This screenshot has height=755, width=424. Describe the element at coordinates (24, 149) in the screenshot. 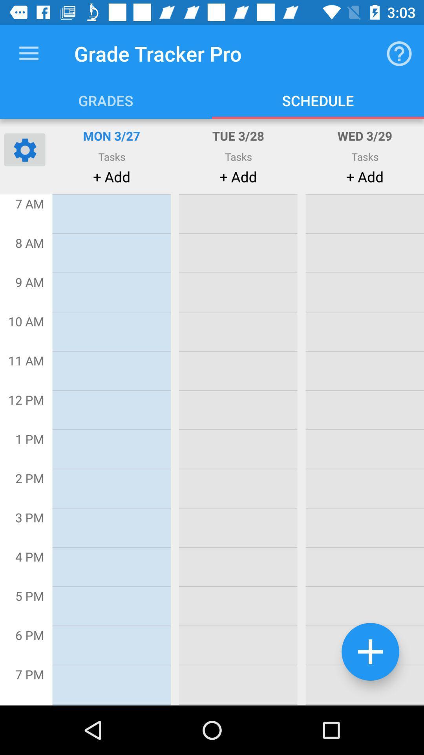

I see `the settings bar` at that location.